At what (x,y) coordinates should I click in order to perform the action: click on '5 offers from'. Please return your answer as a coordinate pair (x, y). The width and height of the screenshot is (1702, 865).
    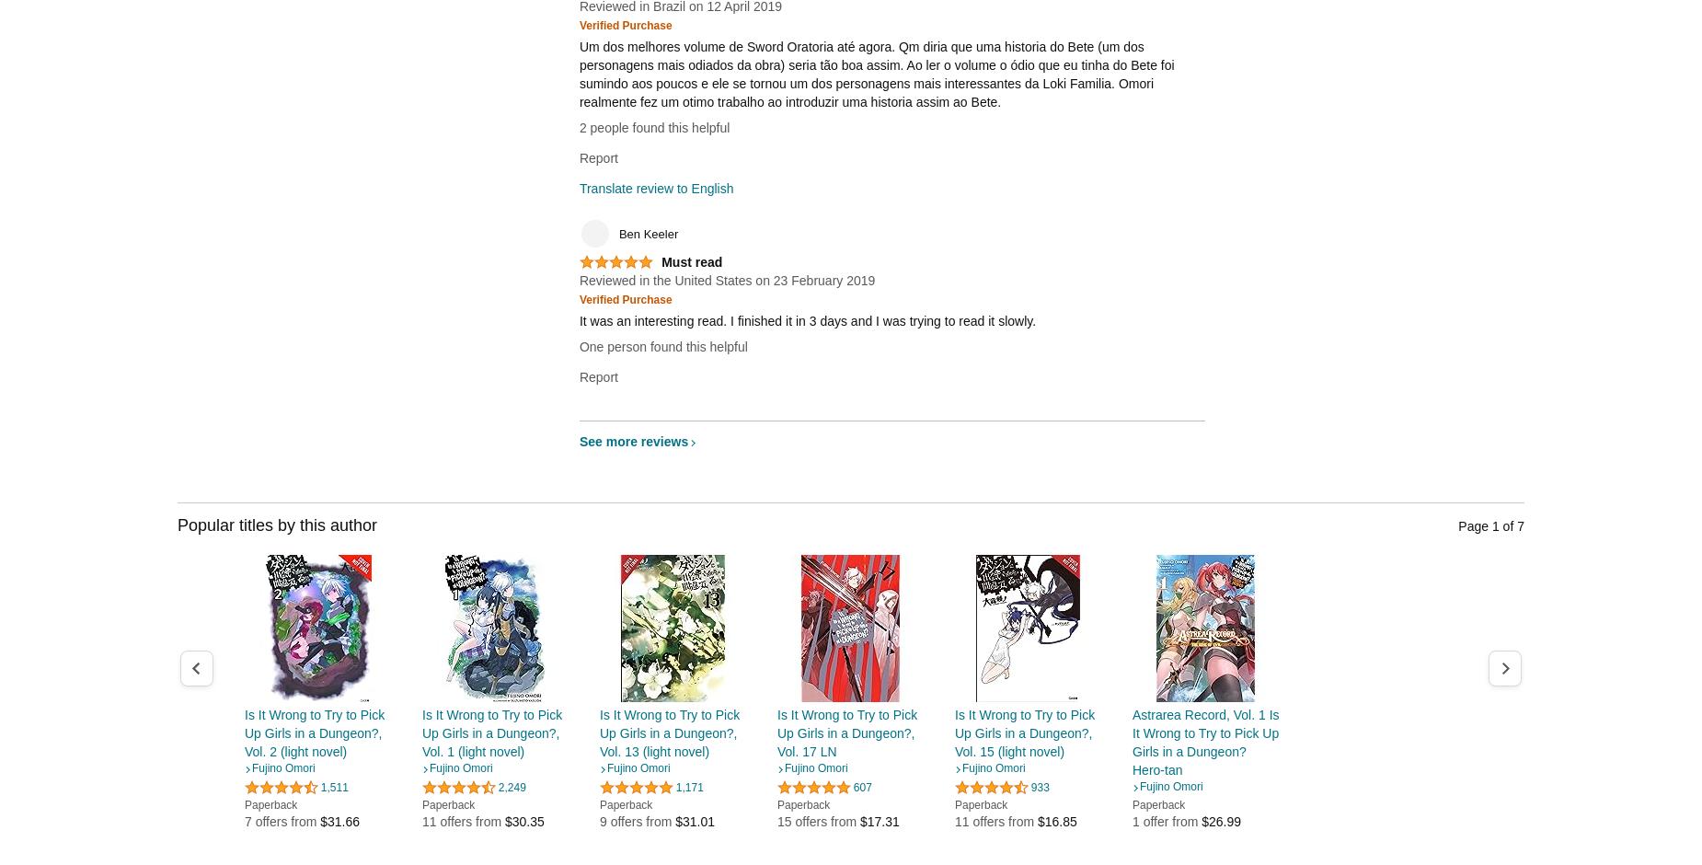
    Looking at the image, I should click on (1348, 839).